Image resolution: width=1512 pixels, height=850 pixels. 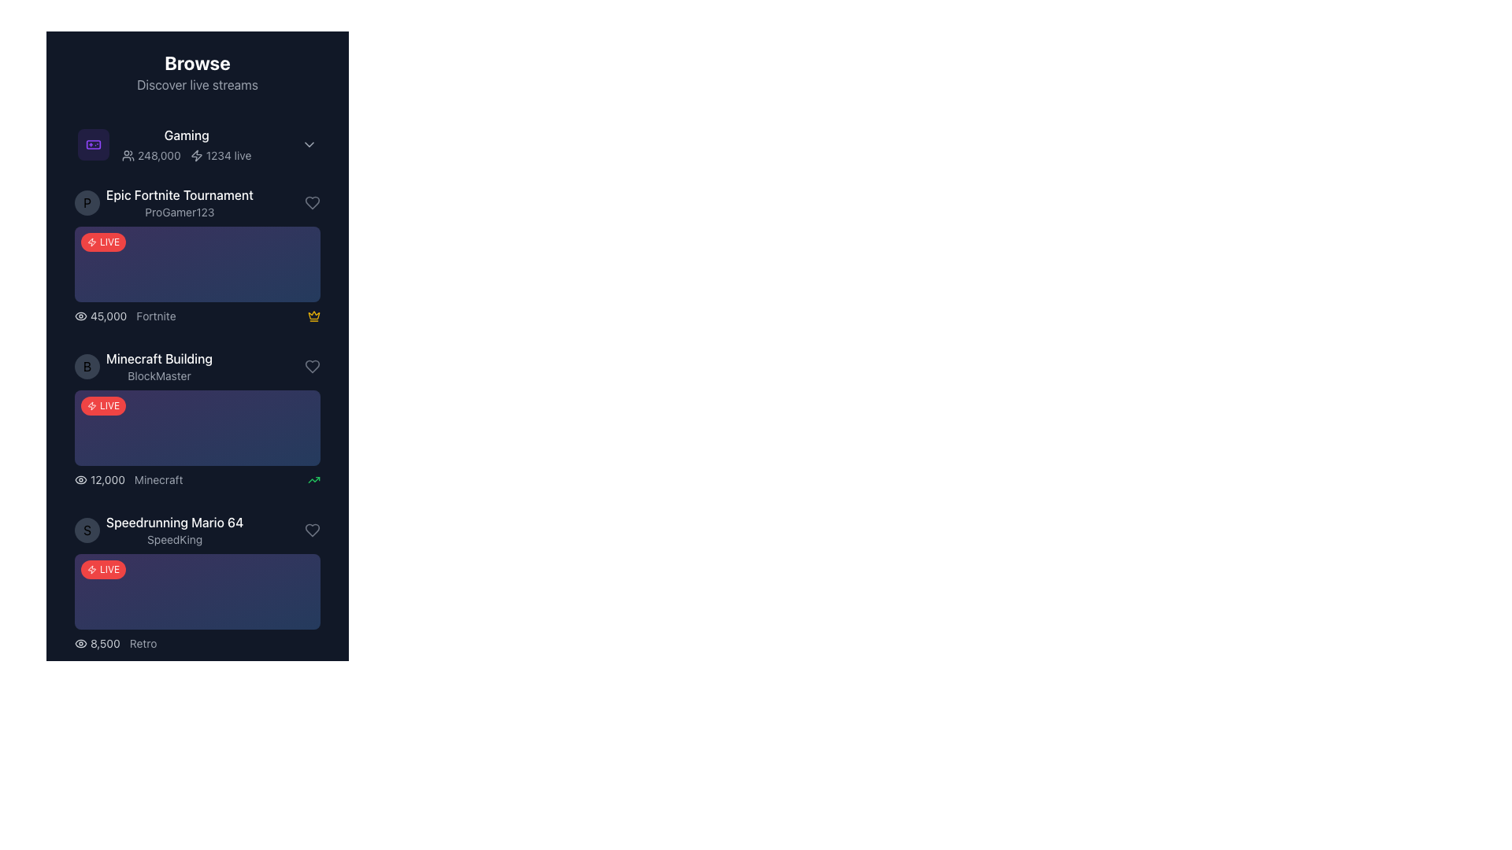 I want to click on the Text label displaying 'SpeedKing', which is styled in a smaller, lighter gray font and positioned below 'Speedrunning Mario 64', so click(x=175, y=539).